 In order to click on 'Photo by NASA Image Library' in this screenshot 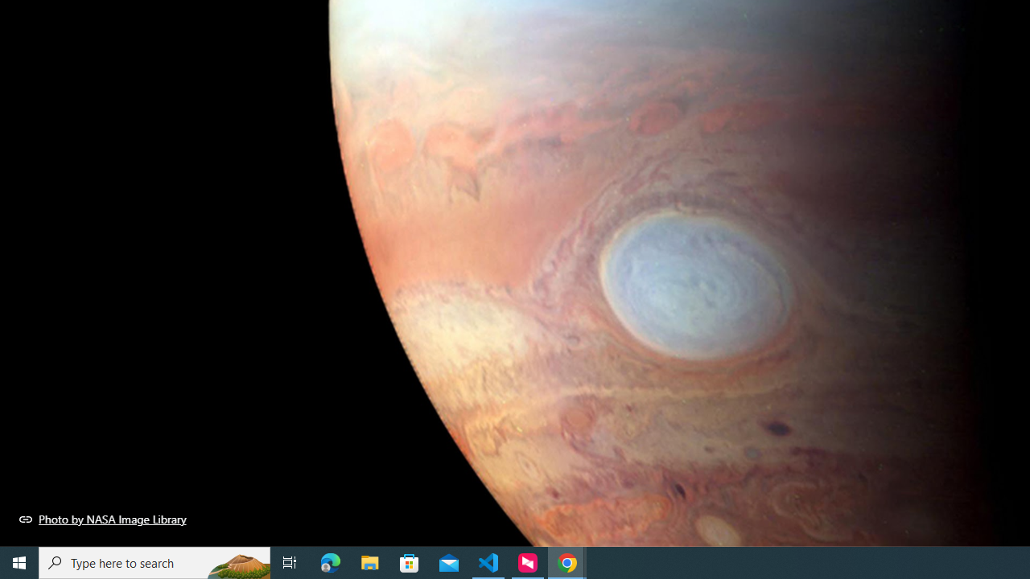, I will do `click(102, 519)`.